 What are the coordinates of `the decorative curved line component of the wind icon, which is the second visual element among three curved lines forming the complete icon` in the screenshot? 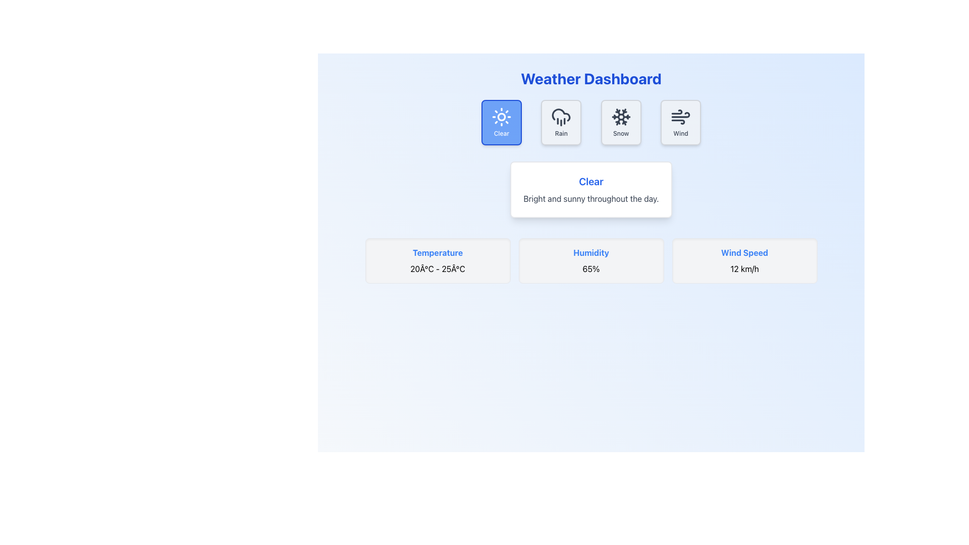 It's located at (678, 122).